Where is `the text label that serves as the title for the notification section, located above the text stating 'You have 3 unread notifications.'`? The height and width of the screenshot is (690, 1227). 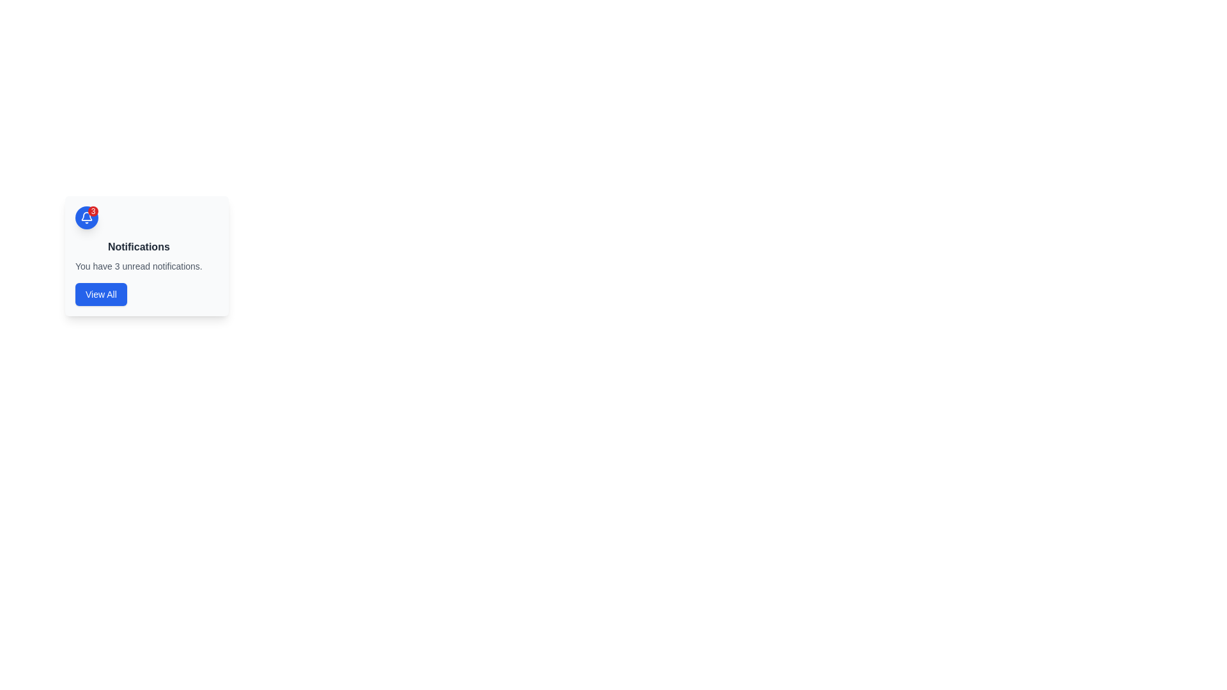
the text label that serves as the title for the notification section, located above the text stating 'You have 3 unread notifications.' is located at coordinates (139, 247).